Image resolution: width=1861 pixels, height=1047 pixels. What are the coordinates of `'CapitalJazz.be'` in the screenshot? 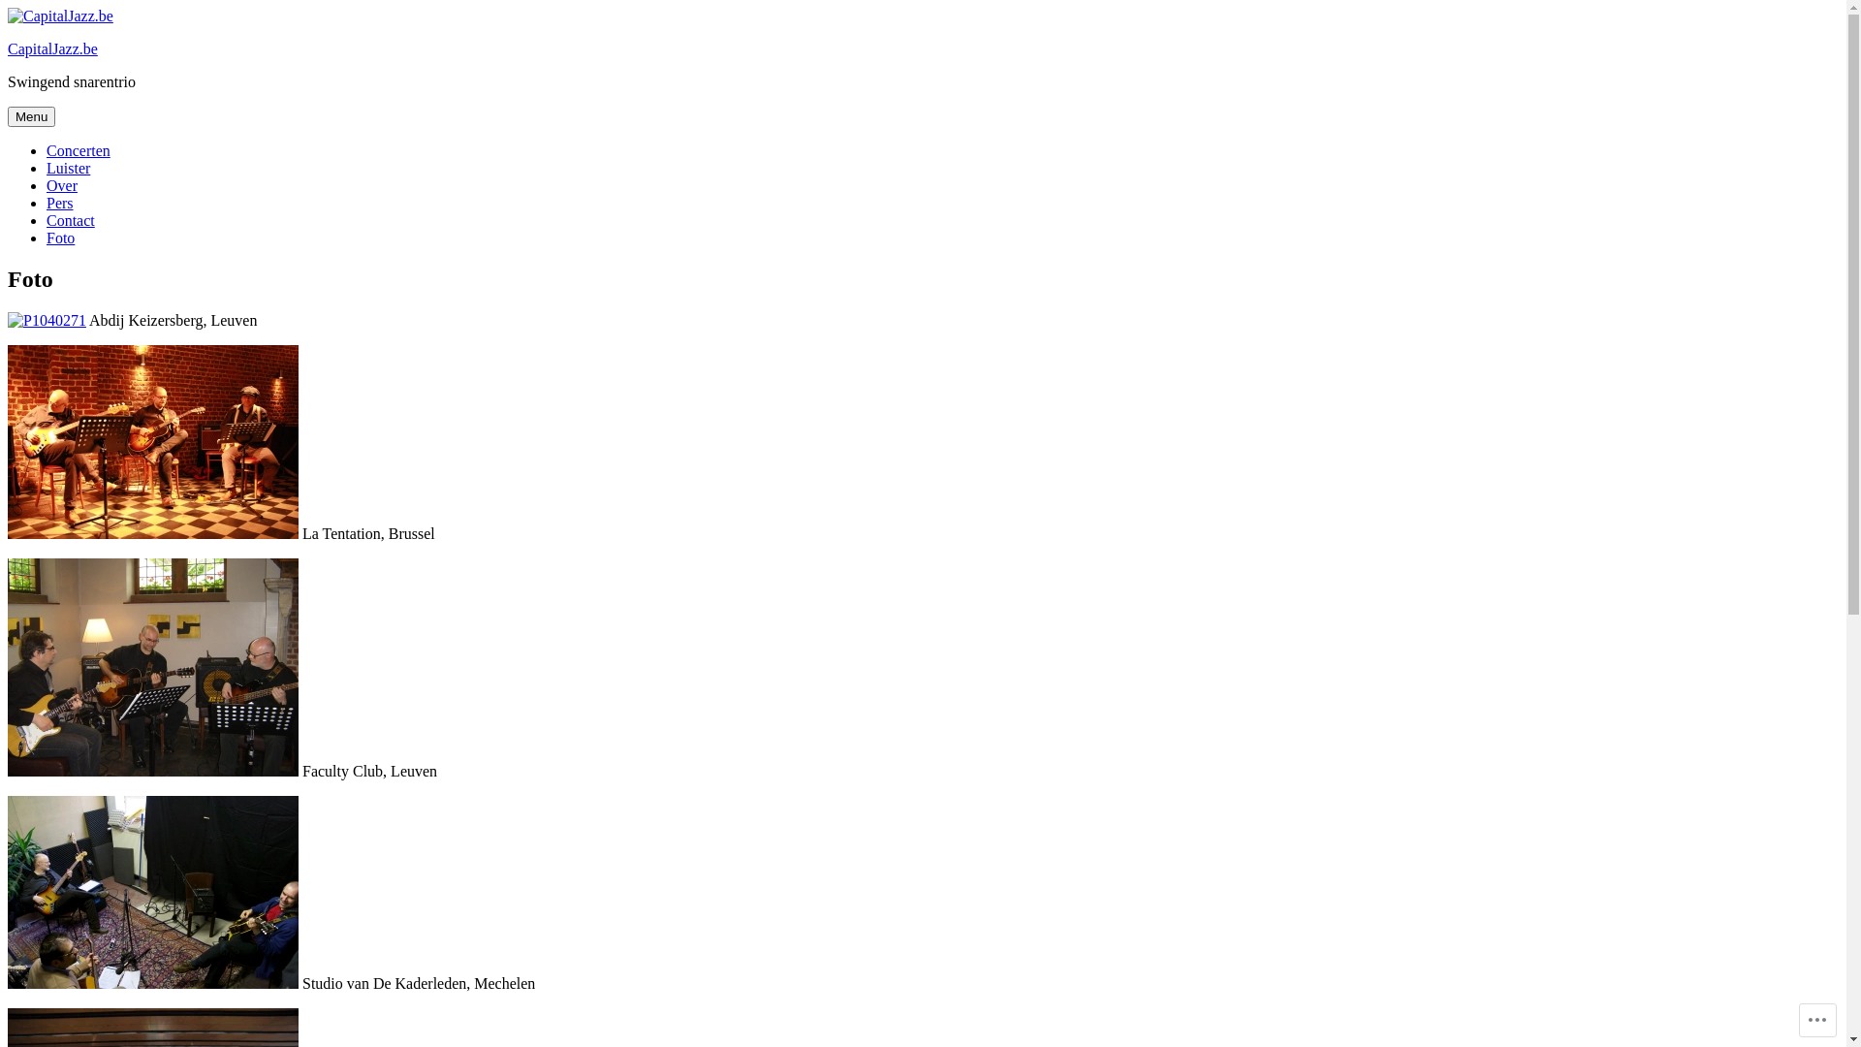 It's located at (8, 48).